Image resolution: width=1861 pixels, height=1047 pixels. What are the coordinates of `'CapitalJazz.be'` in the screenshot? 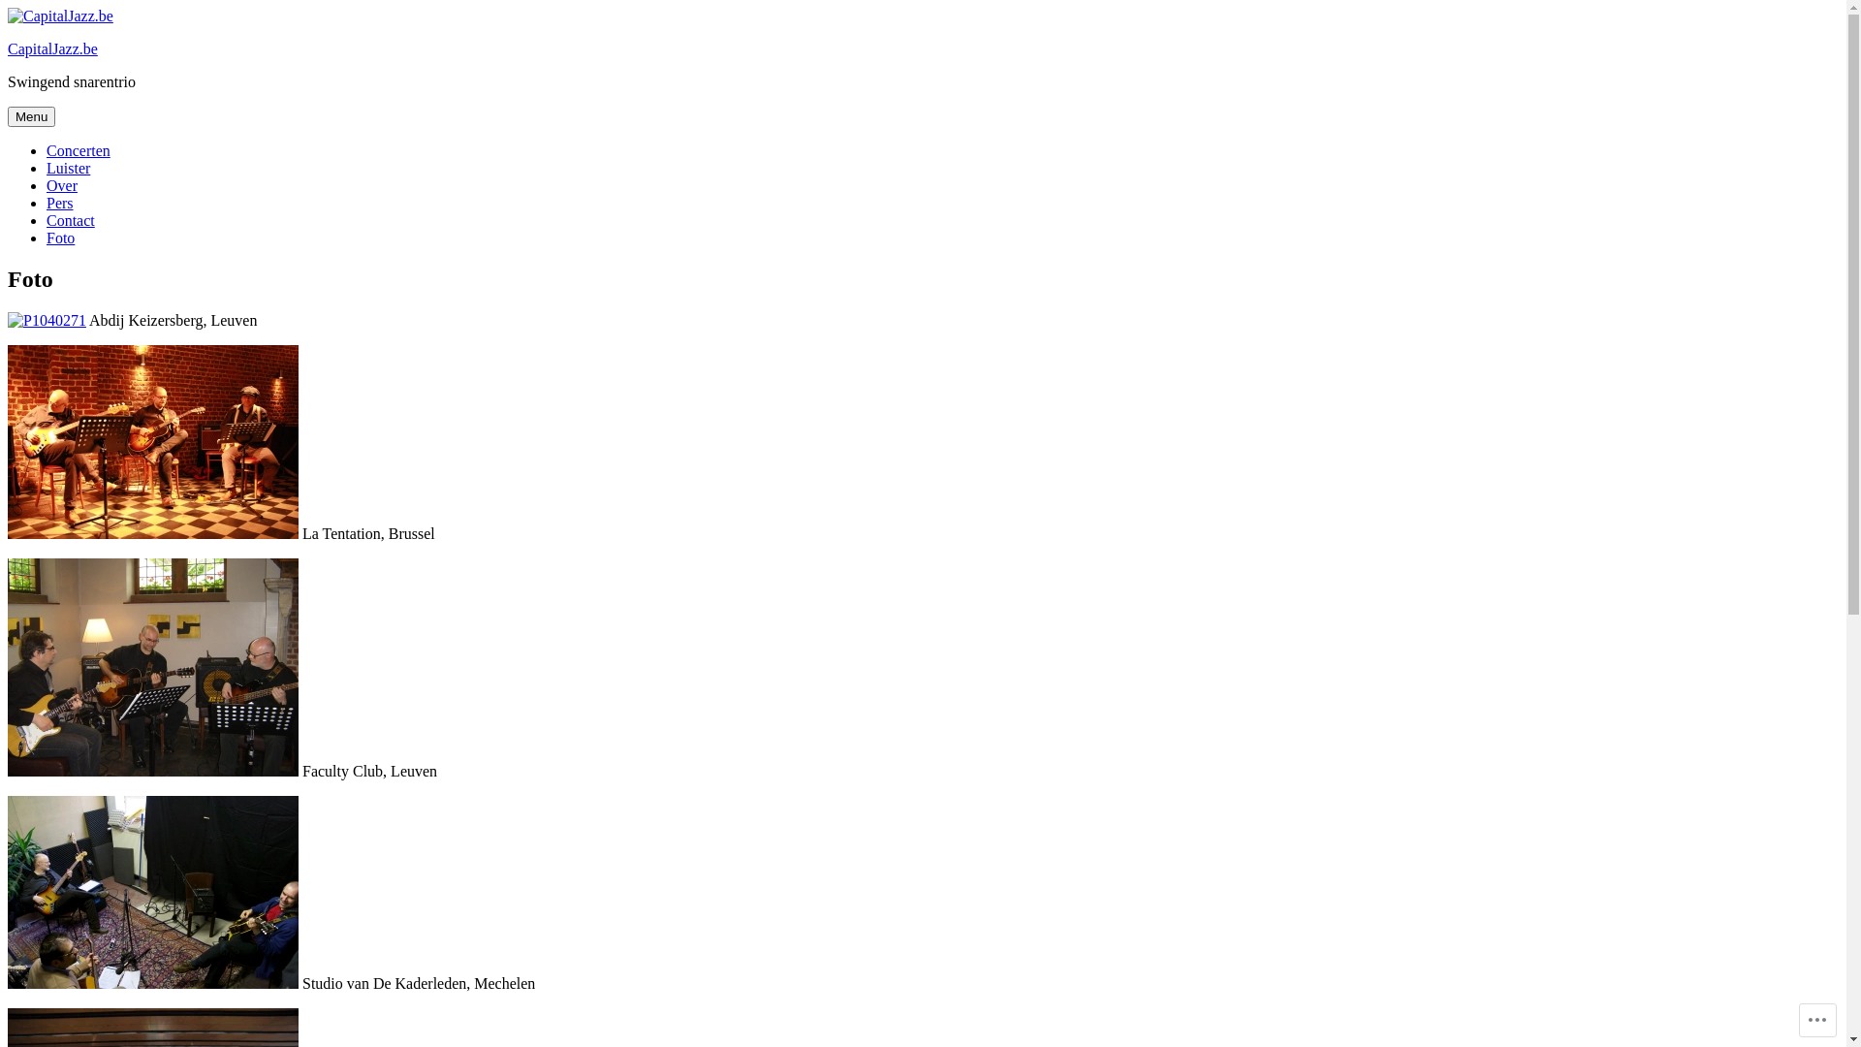 It's located at (8, 48).